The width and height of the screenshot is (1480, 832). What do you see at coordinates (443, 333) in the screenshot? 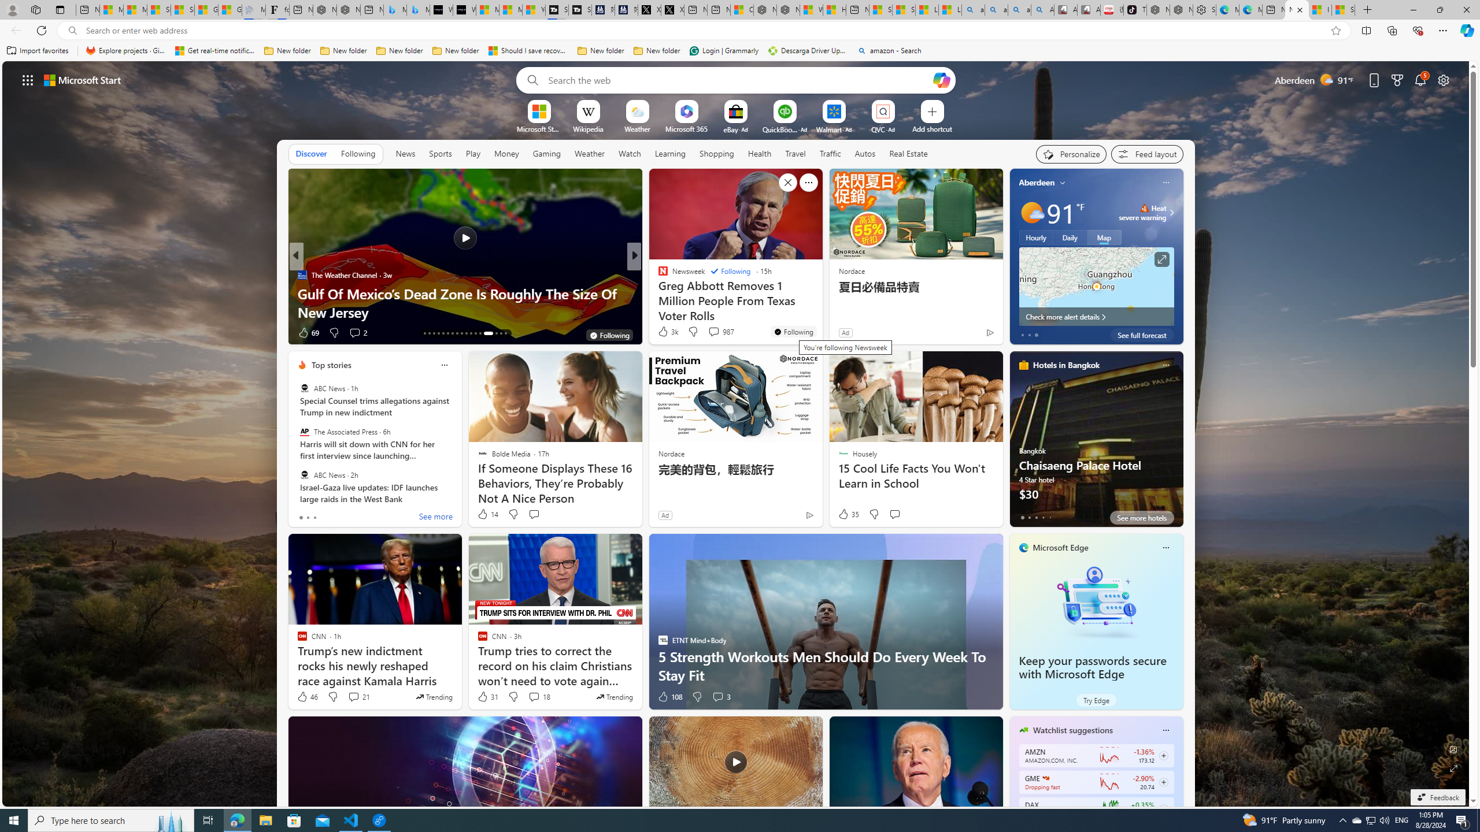
I see `'AutomationID: tab-17'` at bounding box center [443, 333].